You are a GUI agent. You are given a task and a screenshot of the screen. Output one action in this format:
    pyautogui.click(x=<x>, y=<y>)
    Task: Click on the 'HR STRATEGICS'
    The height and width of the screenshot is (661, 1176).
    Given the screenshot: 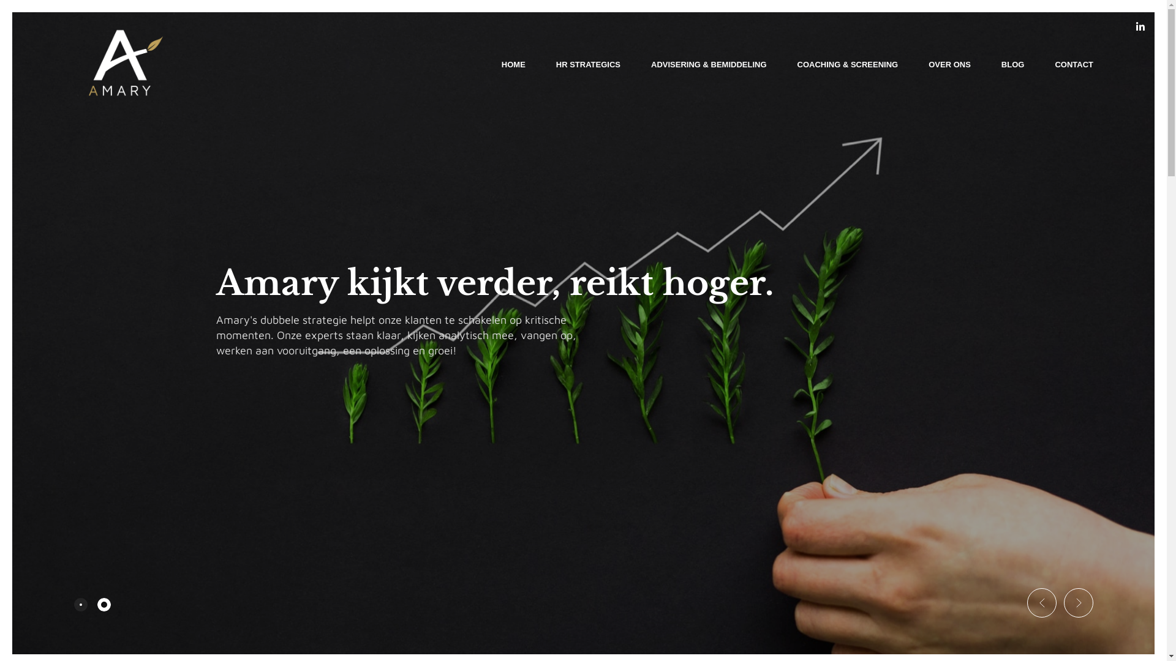 What is the action you would take?
    pyautogui.click(x=588, y=64)
    